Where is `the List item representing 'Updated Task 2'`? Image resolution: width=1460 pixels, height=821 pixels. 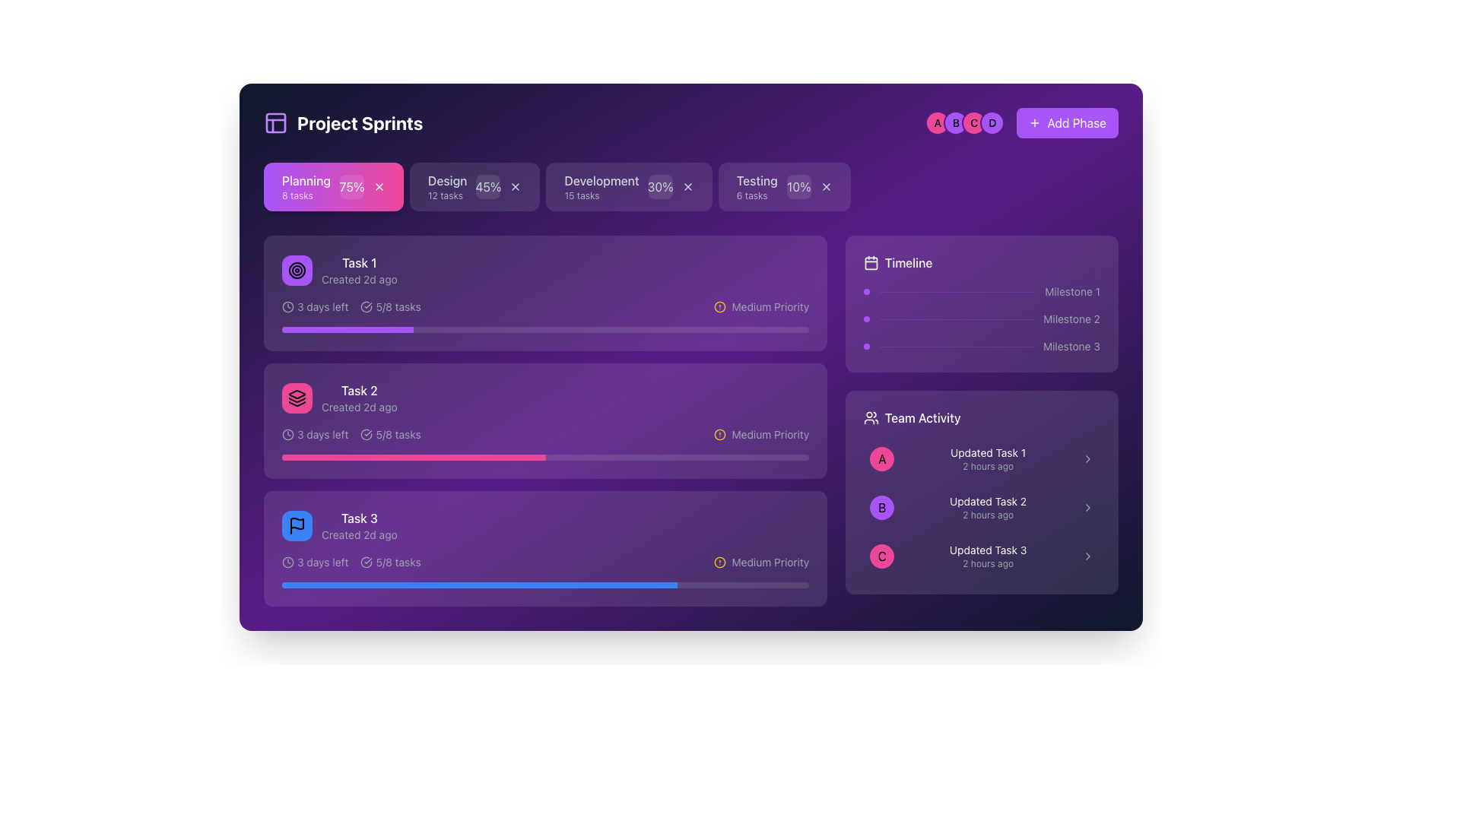 the List item representing 'Updated Task 2' is located at coordinates (982, 507).